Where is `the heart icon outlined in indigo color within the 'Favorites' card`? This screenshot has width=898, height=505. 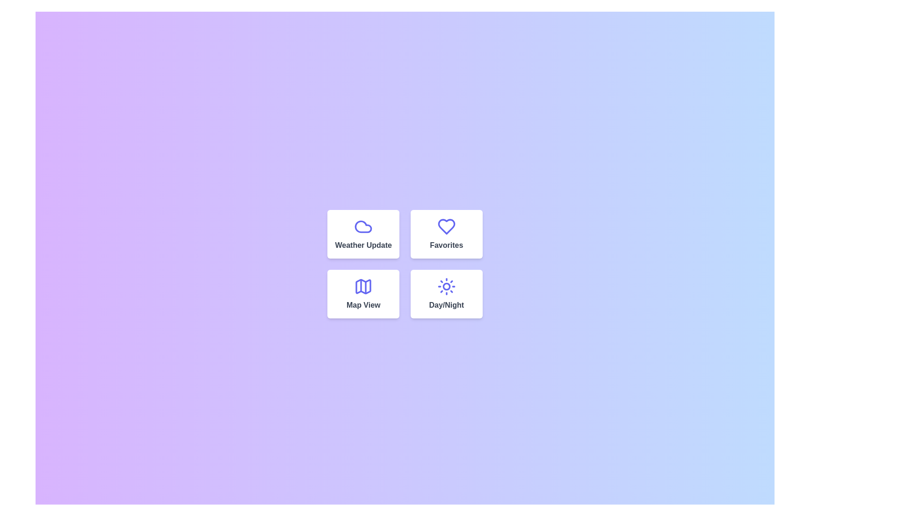
the heart icon outlined in indigo color within the 'Favorites' card is located at coordinates (446, 227).